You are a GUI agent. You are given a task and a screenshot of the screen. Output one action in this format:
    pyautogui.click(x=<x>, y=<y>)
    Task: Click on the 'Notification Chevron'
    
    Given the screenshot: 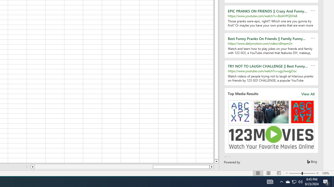 What is the action you would take?
    pyautogui.click(x=281, y=181)
    